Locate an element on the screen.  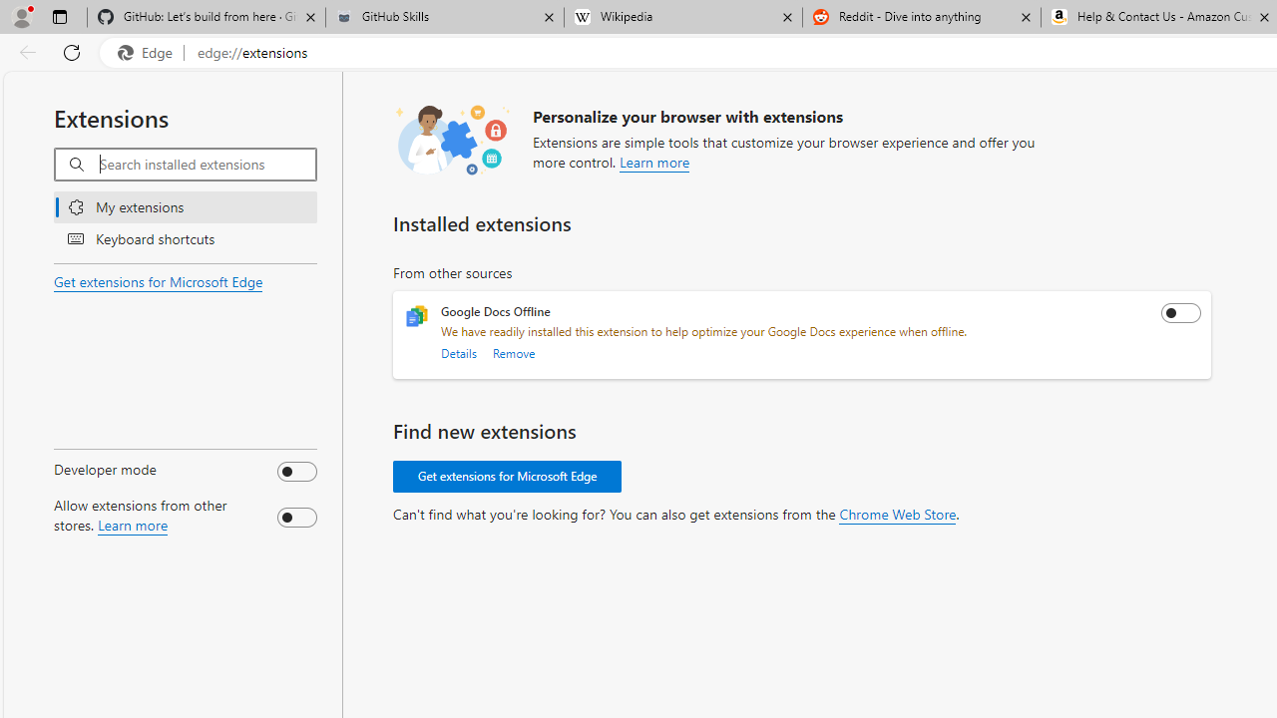
'Edge' is located at coordinates (149, 52).